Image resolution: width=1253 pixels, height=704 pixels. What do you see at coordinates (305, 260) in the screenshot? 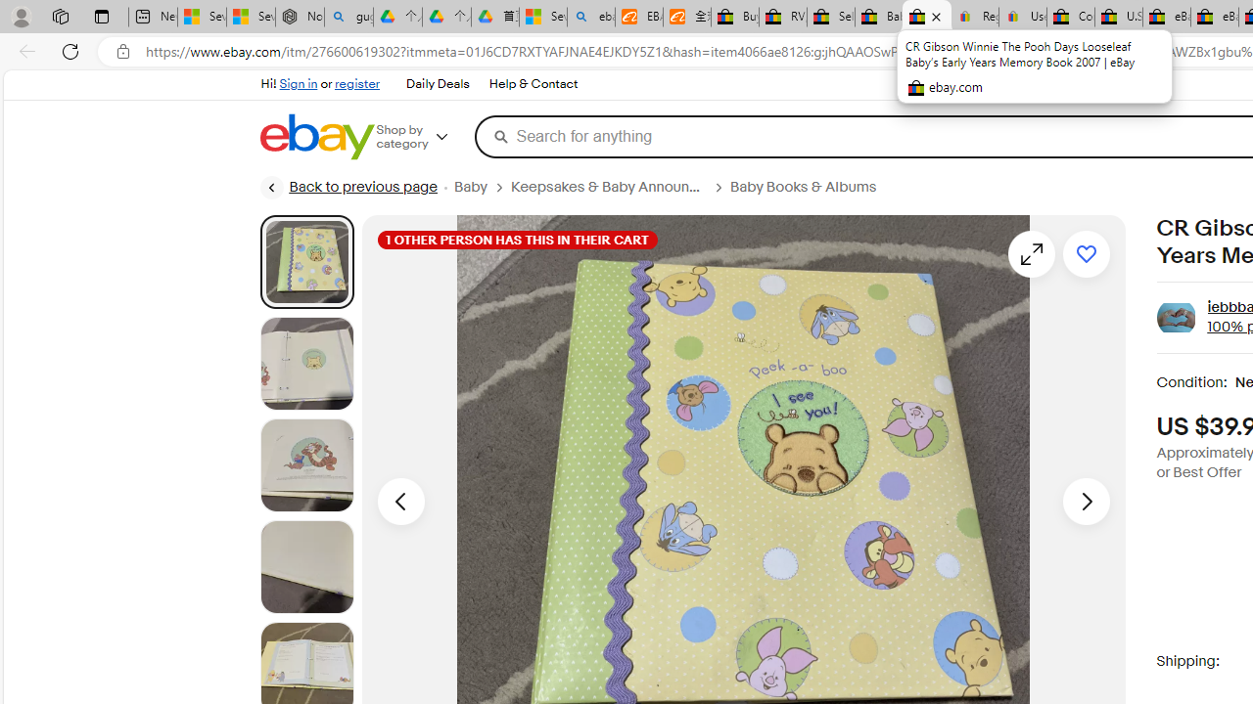
I see `'Picture 1 of 22'` at bounding box center [305, 260].